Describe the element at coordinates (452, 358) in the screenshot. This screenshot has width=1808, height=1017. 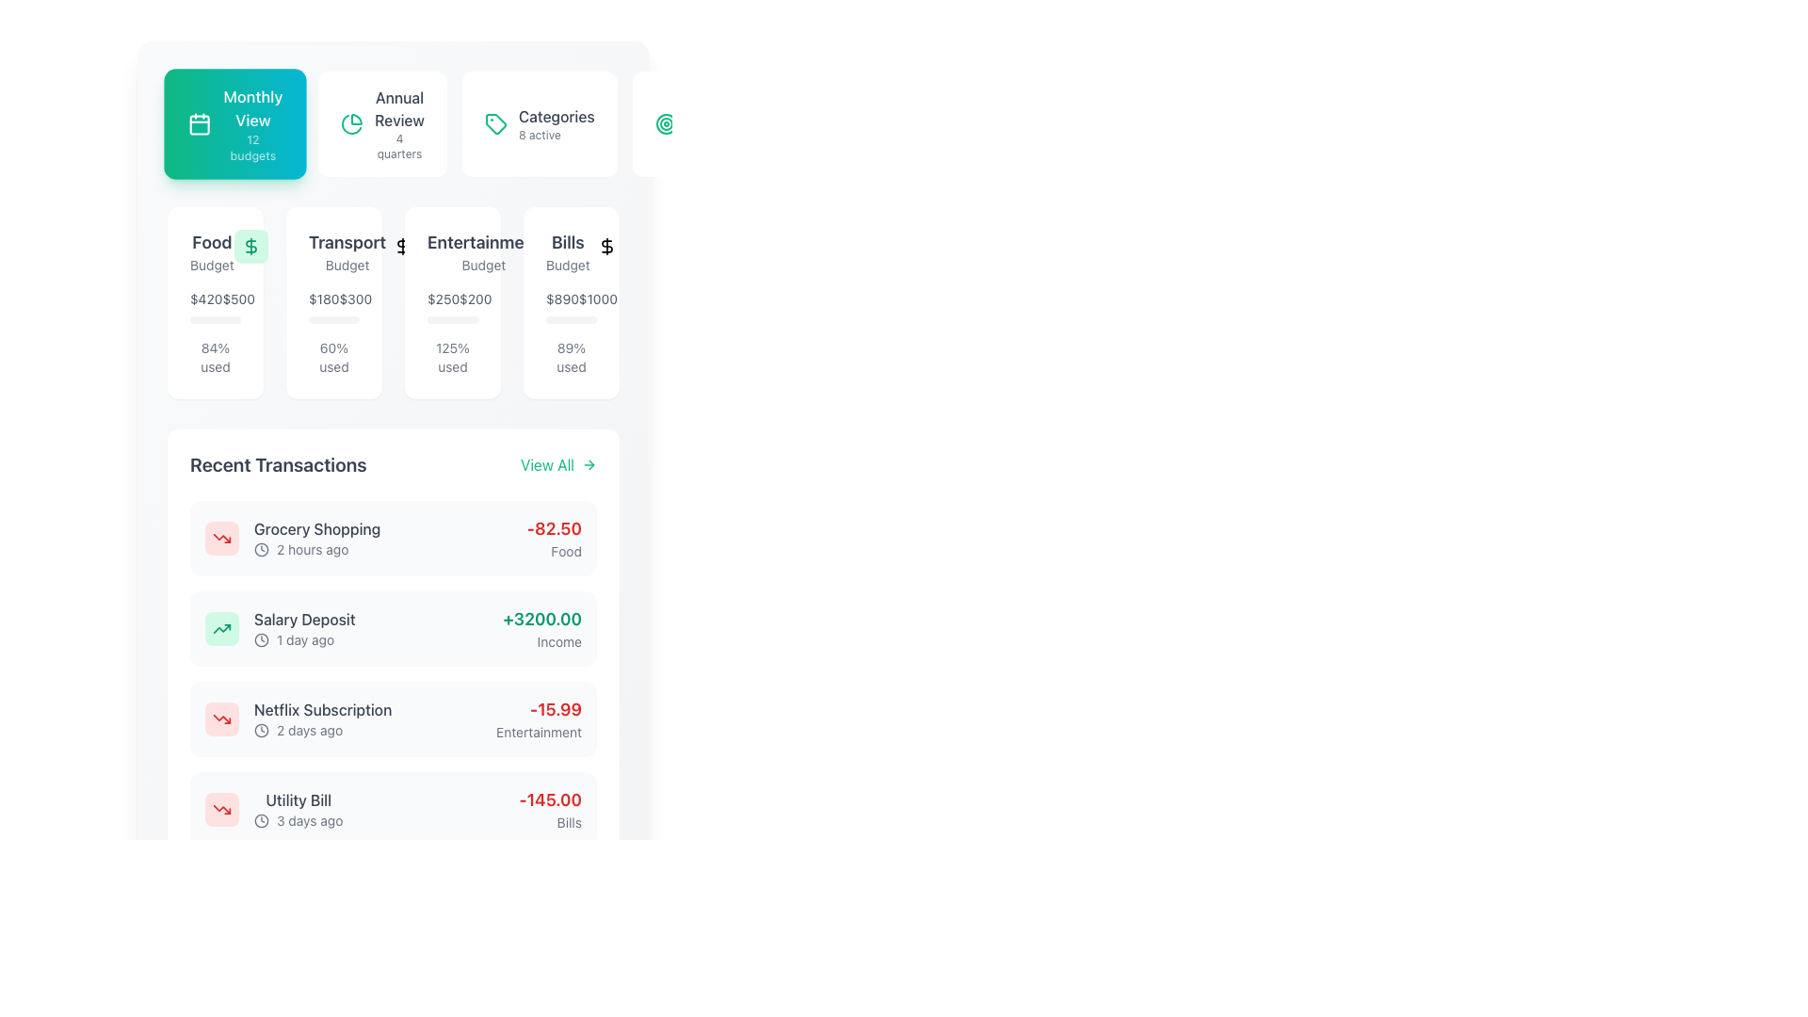
I see `the informational text label displaying '125%' and 'used' at the bottom of the 'Entertainment' budget card` at that location.